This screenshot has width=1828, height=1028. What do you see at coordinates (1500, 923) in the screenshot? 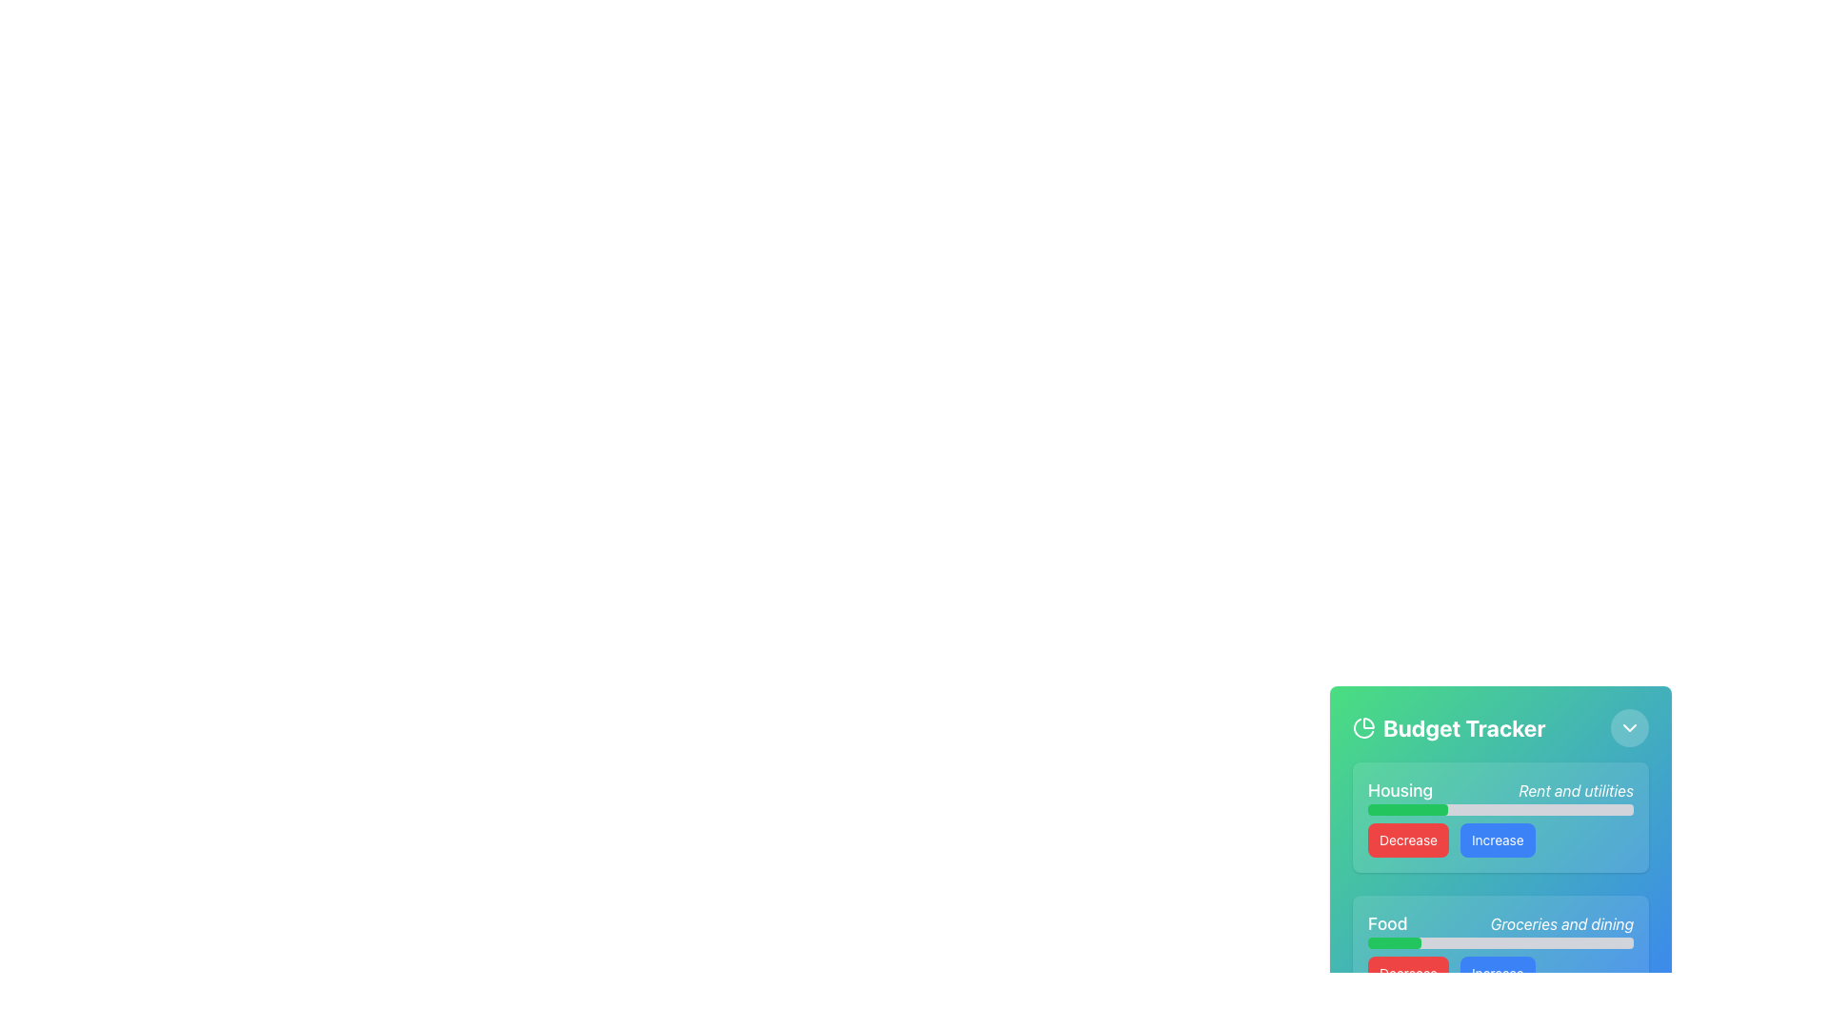
I see `the text label that categorizes the section as pertaining to food-related expenses, located in the 'Food' module, positioned below the 'Housing' component` at bounding box center [1500, 923].